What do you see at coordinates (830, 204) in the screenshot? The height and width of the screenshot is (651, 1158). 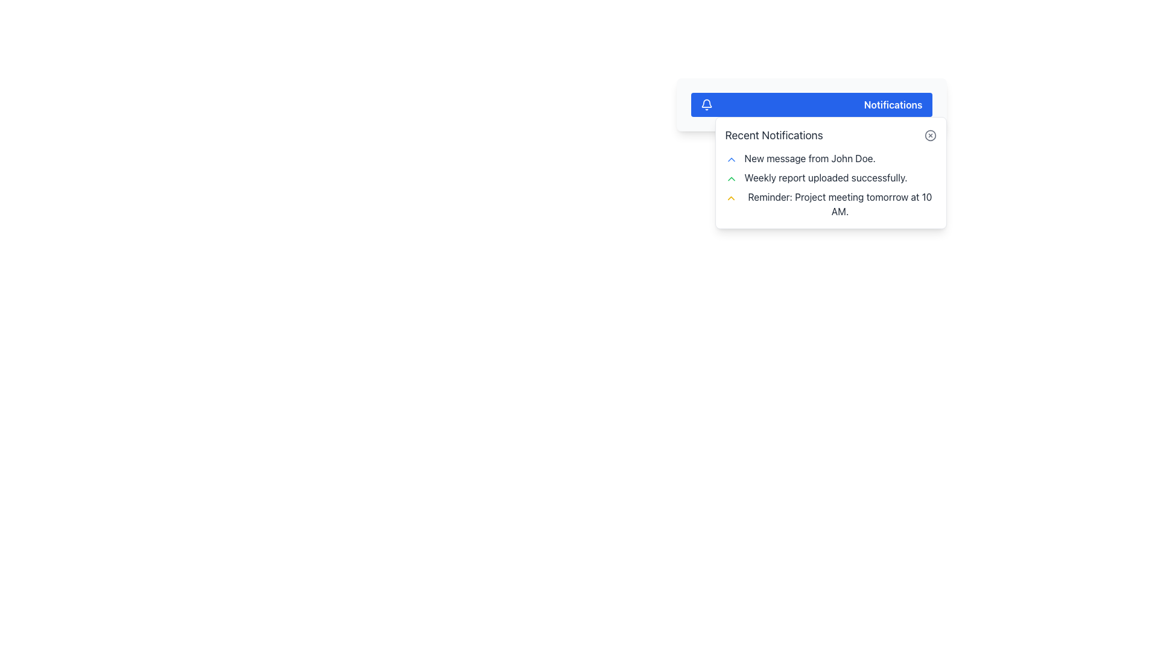 I see `the third notification in the 'Recent Notifications' list` at bounding box center [830, 204].